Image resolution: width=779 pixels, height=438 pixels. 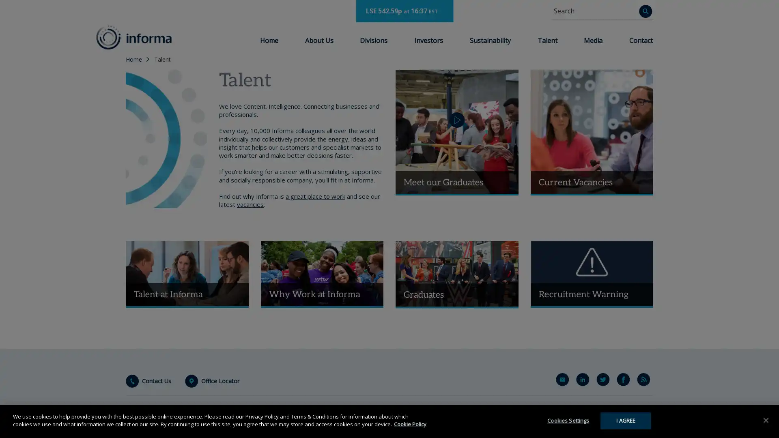 I want to click on Search, so click(x=645, y=11).